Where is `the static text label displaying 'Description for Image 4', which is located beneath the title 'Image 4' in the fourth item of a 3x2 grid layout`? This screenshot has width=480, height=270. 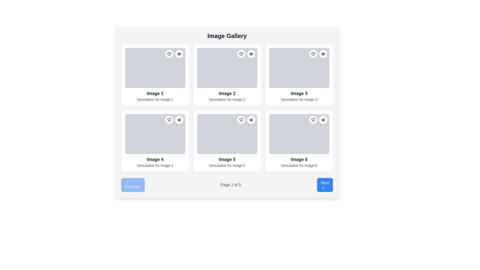
the static text label displaying 'Description for Image 4', which is located beneath the title 'Image 4' in the fourth item of a 3x2 grid layout is located at coordinates (155, 165).